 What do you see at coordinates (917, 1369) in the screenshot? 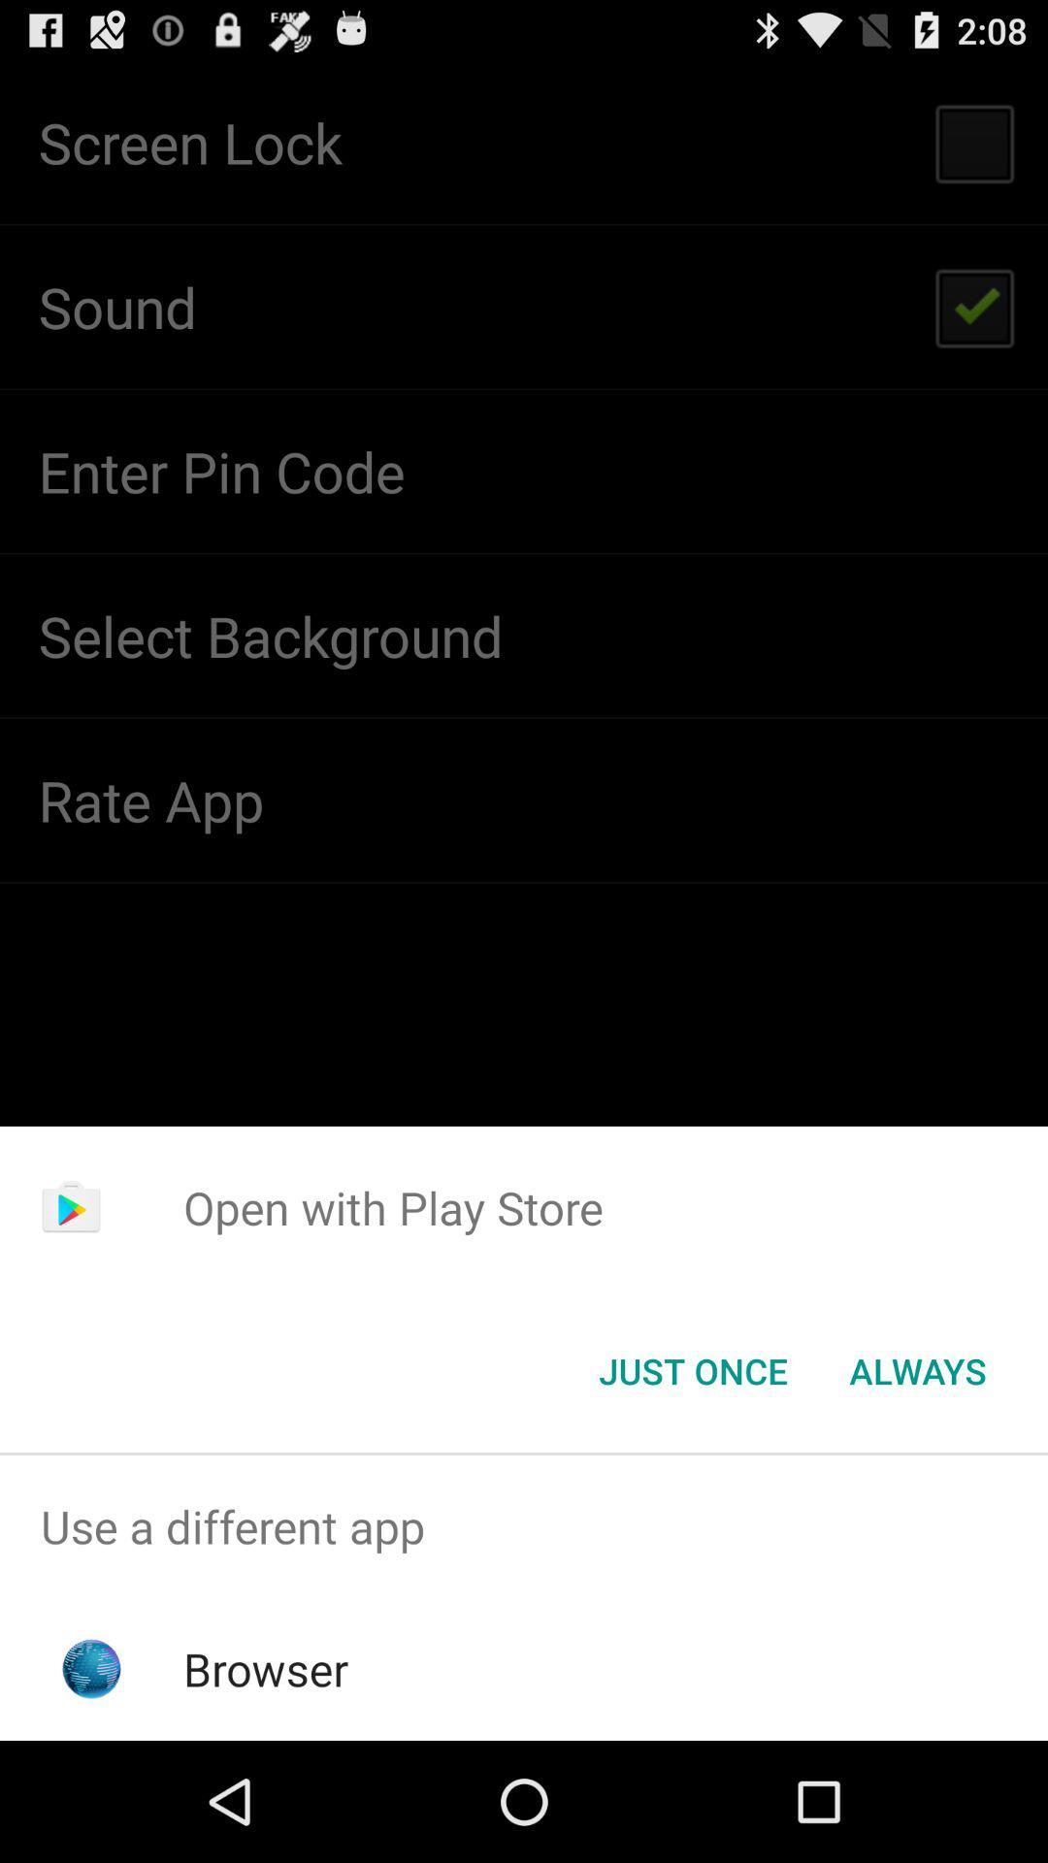
I see `always at the bottom right corner` at bounding box center [917, 1369].